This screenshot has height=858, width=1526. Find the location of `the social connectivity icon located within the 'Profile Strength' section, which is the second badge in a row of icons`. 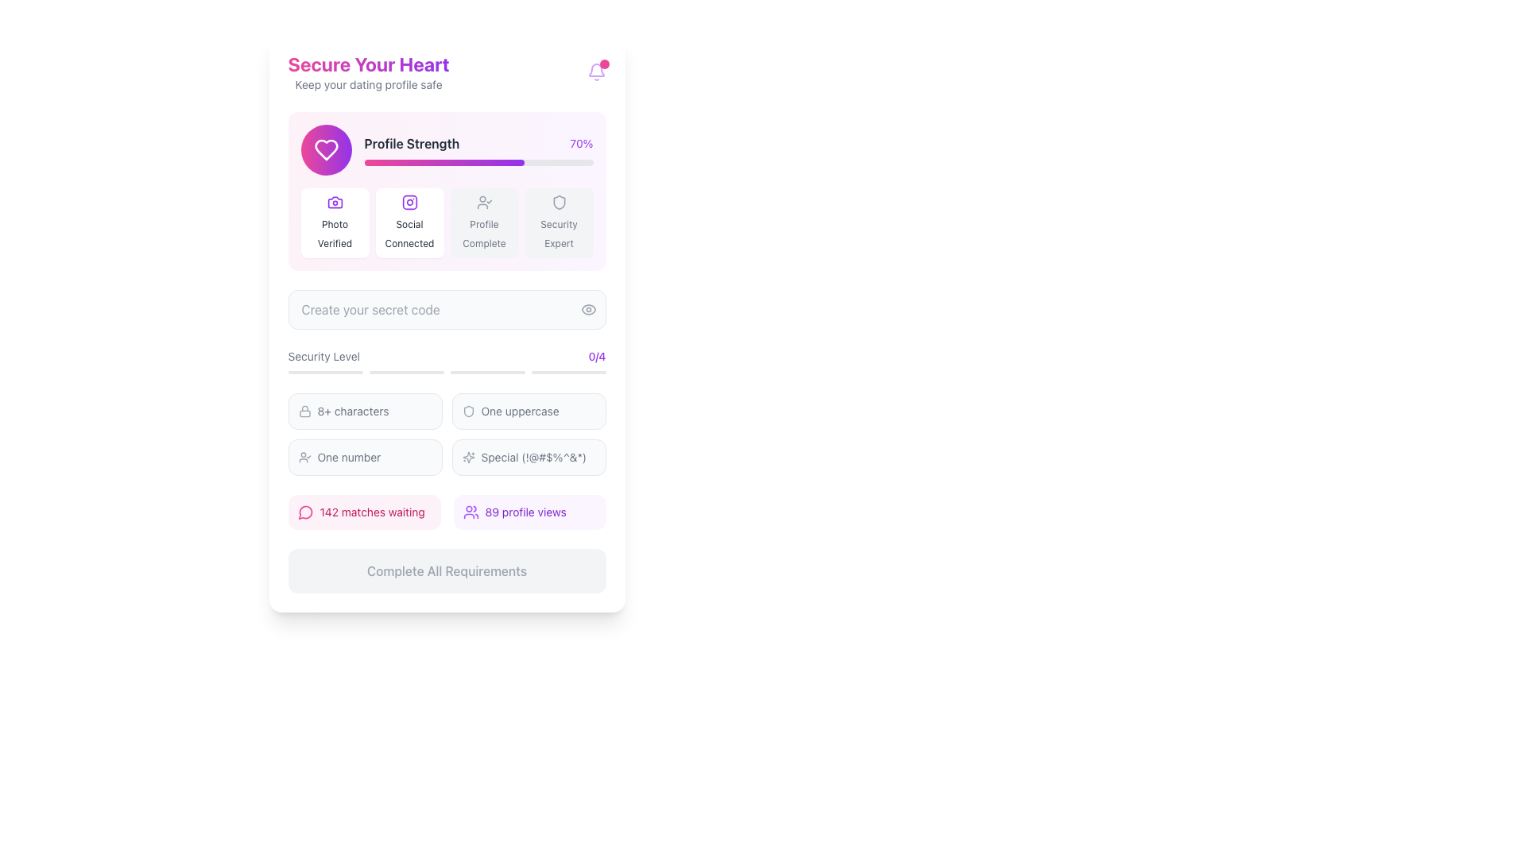

the social connectivity icon located within the 'Profile Strength' section, which is the second badge in a row of icons is located at coordinates (409, 201).